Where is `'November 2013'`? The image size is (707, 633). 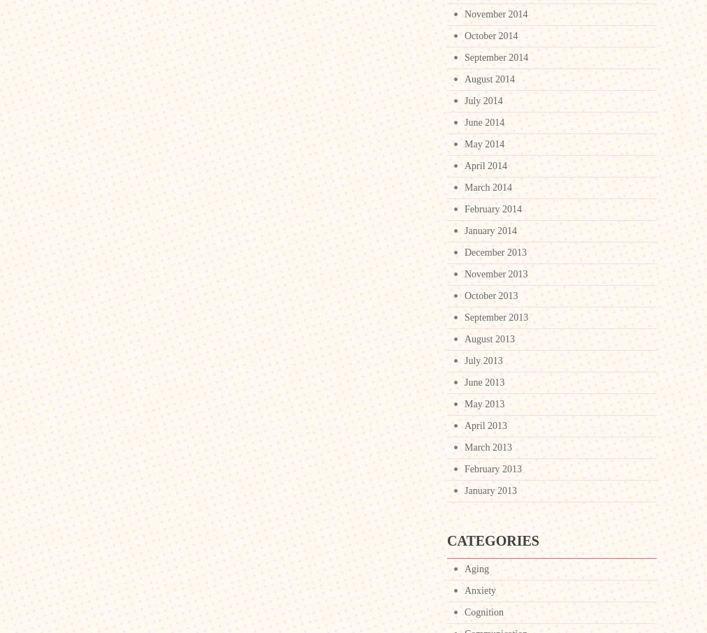
'November 2013' is located at coordinates (464, 273).